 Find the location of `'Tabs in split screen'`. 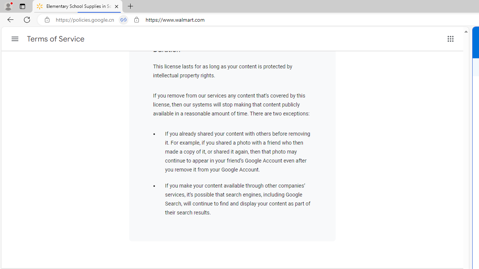

'Tabs in split screen' is located at coordinates (123, 19).